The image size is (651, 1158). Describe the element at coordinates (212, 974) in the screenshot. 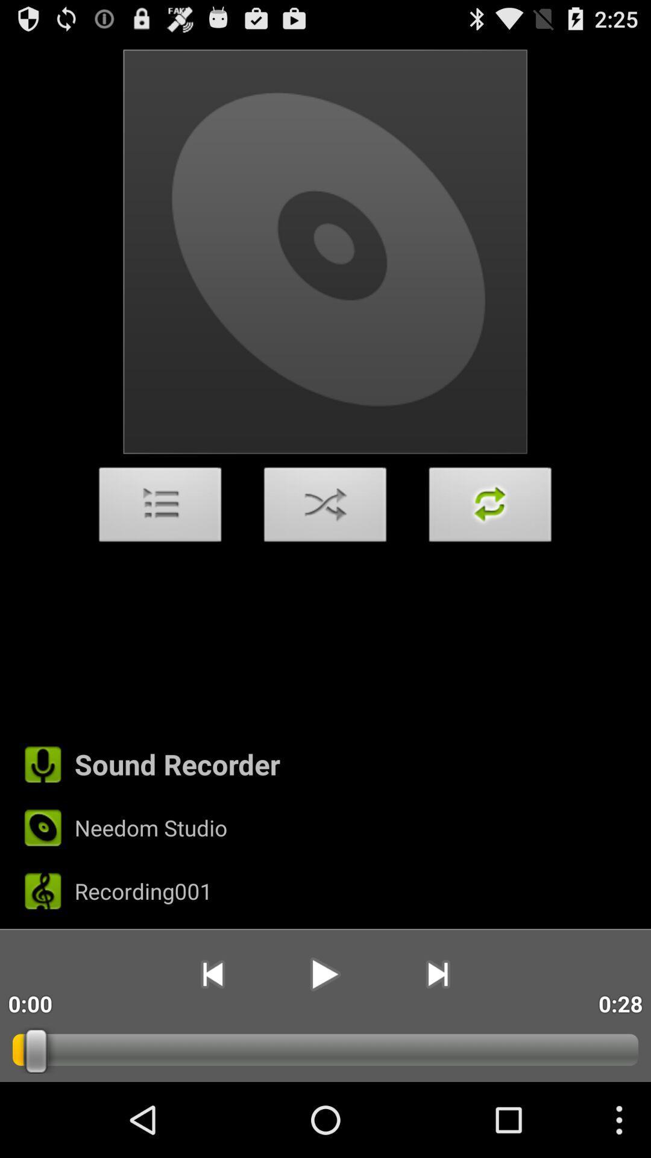

I see `the app to the right of the 0:00 item` at that location.